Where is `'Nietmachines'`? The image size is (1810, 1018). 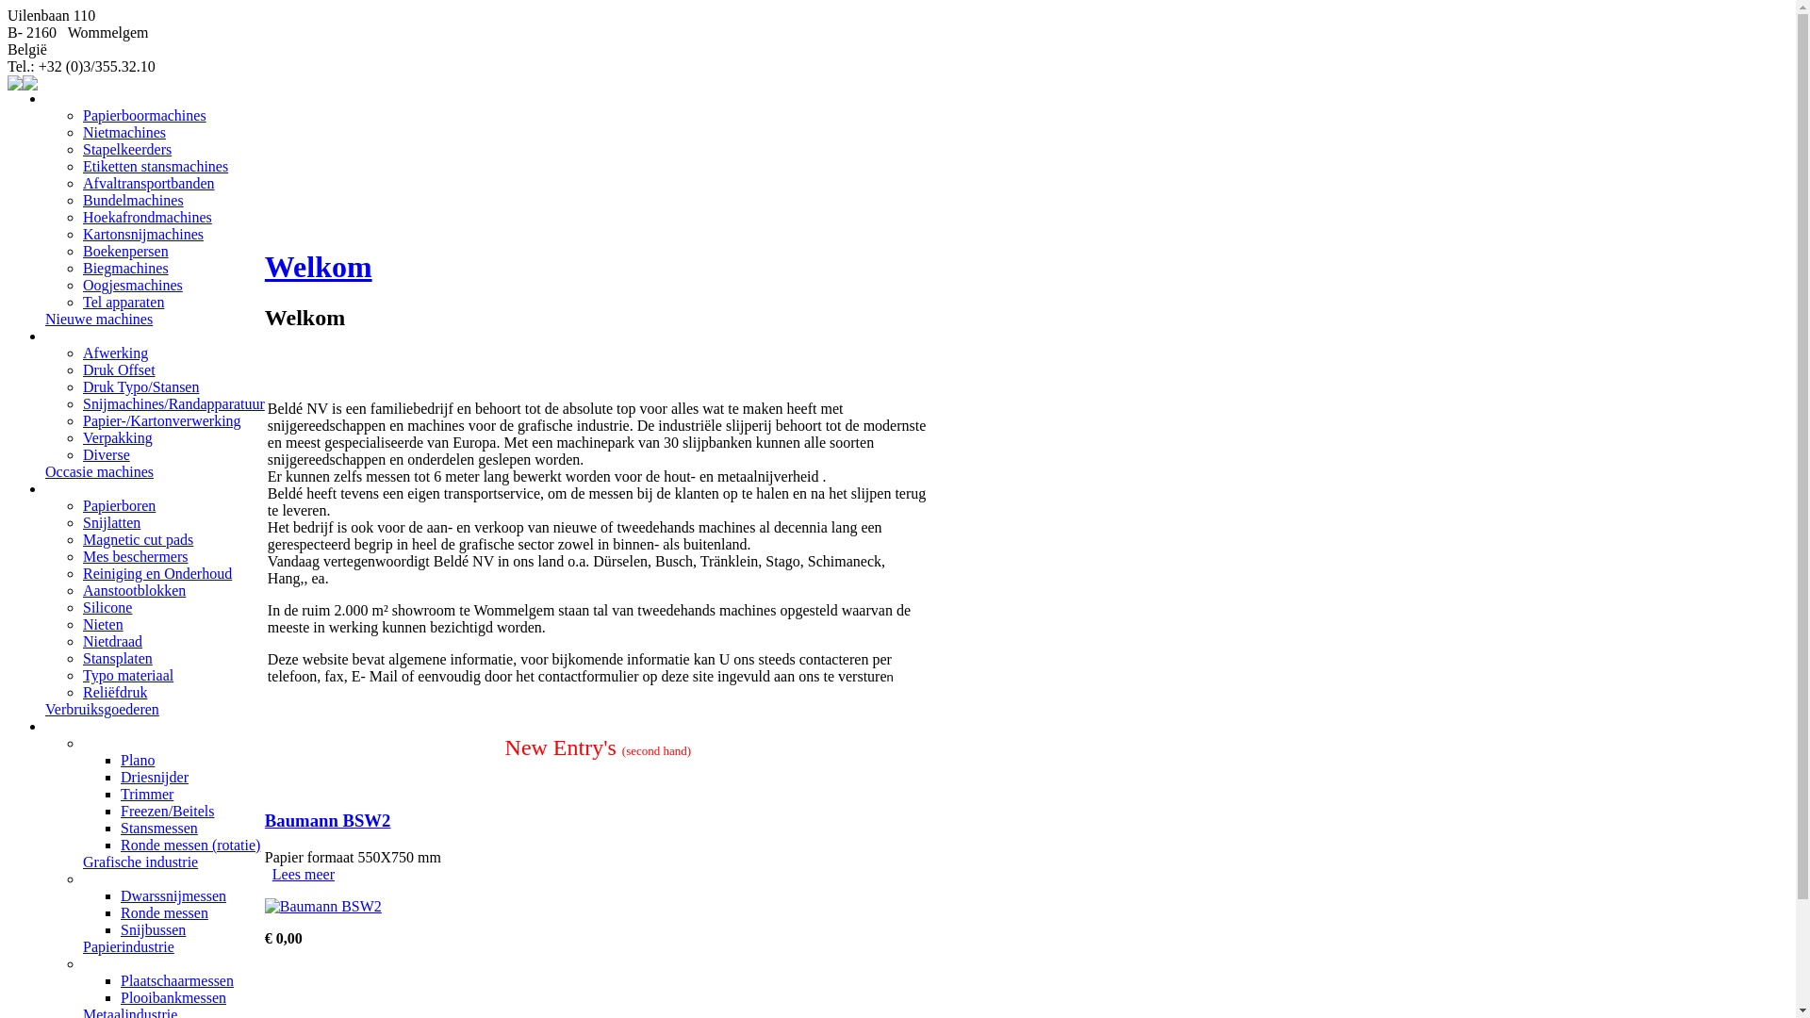
'Nietmachines' is located at coordinates (123, 131).